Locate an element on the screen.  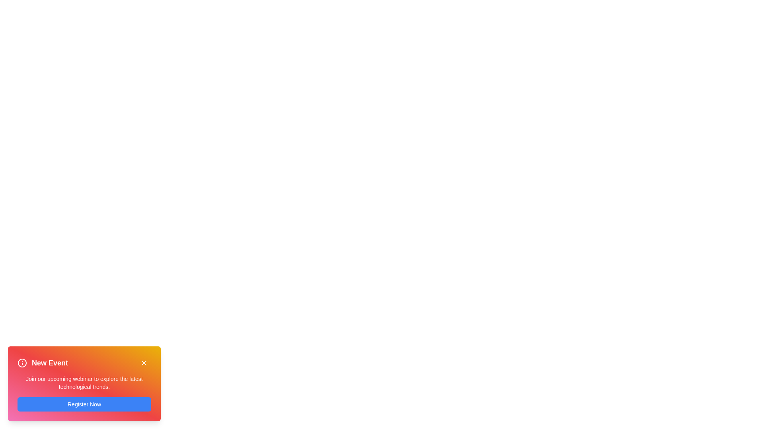
close button on the snackbar to dismiss it is located at coordinates (144, 363).